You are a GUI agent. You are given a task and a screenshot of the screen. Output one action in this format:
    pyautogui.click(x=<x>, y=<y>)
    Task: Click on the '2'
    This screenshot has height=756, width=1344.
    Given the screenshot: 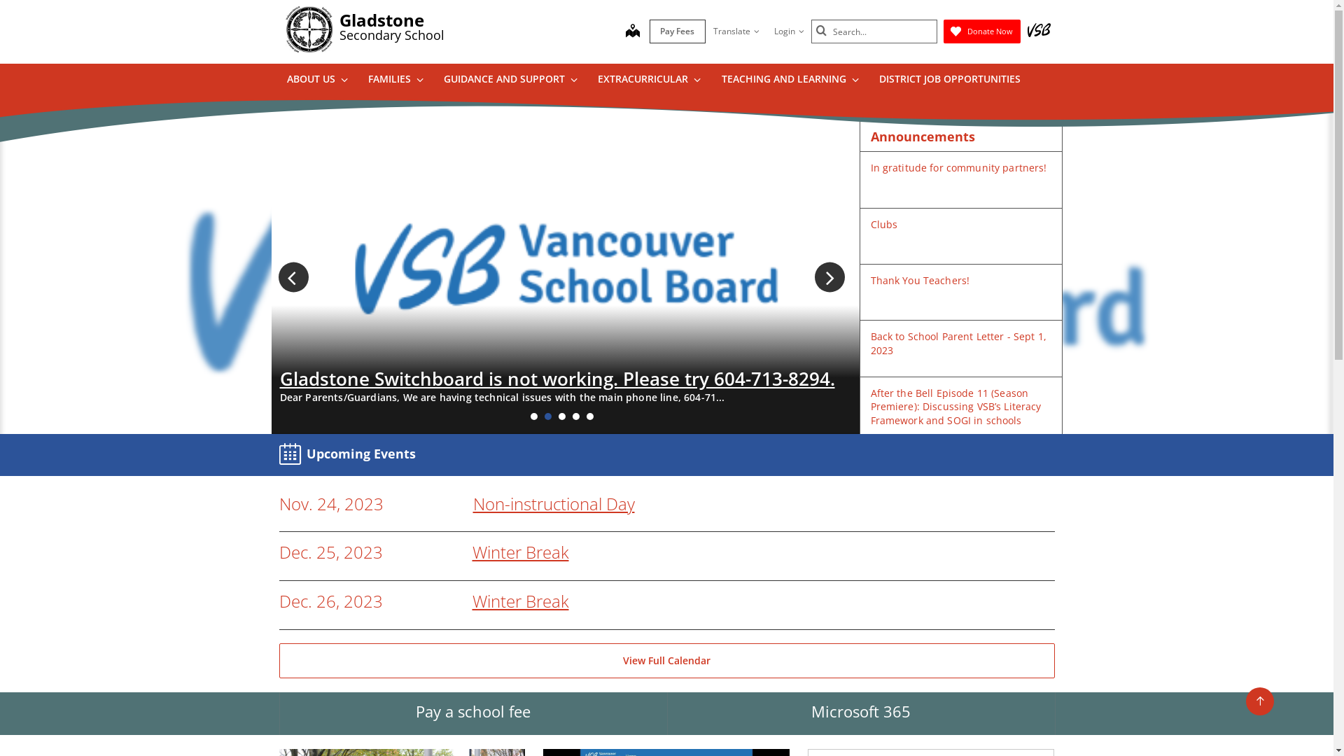 What is the action you would take?
    pyautogui.click(x=547, y=415)
    